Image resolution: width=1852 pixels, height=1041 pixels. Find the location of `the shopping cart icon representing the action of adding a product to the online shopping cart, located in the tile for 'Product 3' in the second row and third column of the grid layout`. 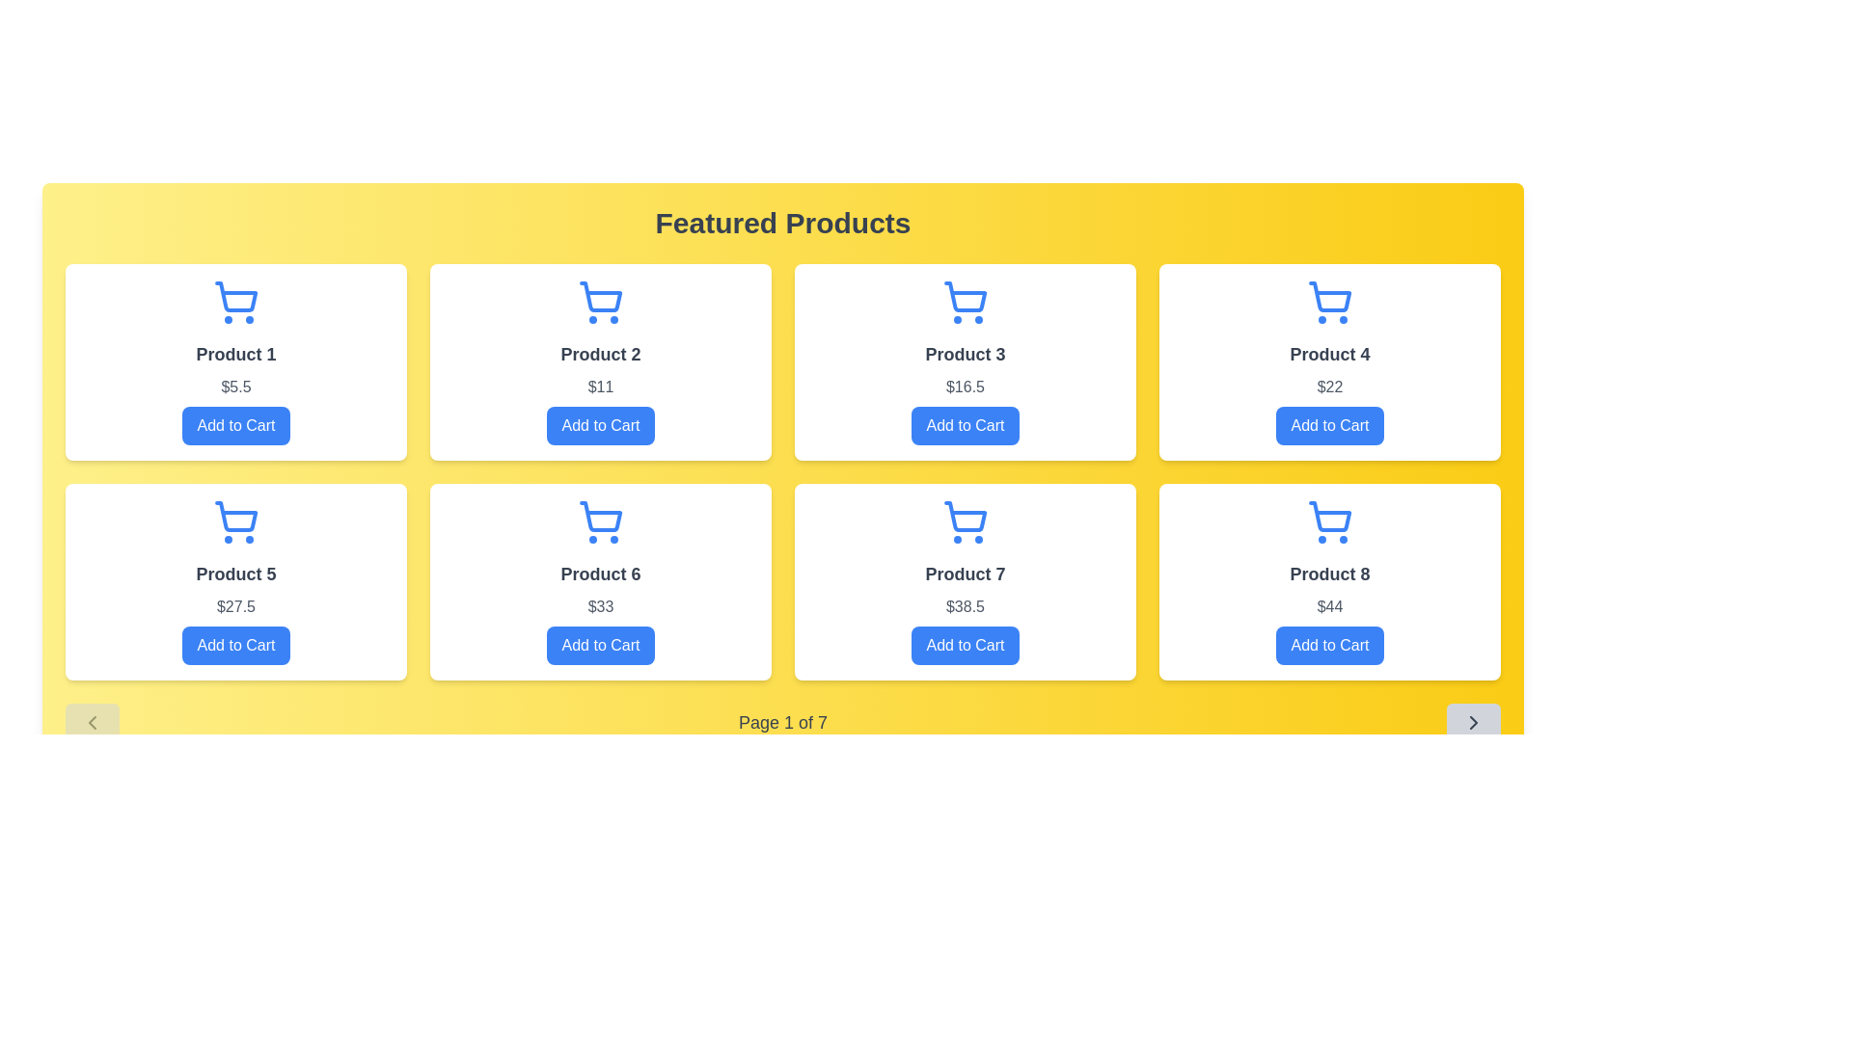

the shopping cart icon representing the action of adding a product to the online shopping cart, located in the tile for 'Product 3' in the second row and third column of the grid layout is located at coordinates (966, 297).